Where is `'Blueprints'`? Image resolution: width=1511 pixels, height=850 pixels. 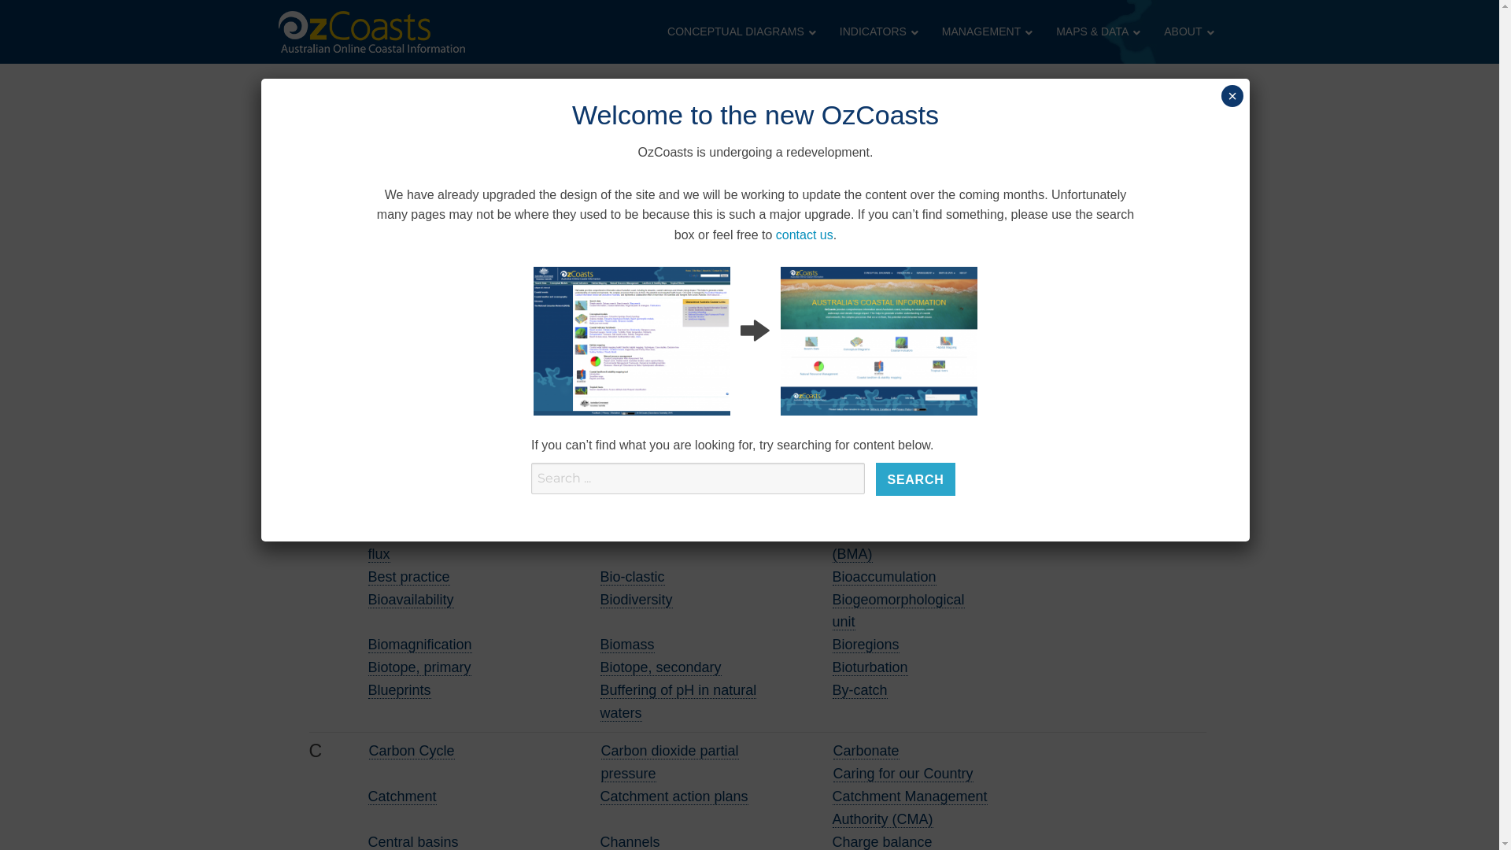 'Blueprints' is located at coordinates (400, 689).